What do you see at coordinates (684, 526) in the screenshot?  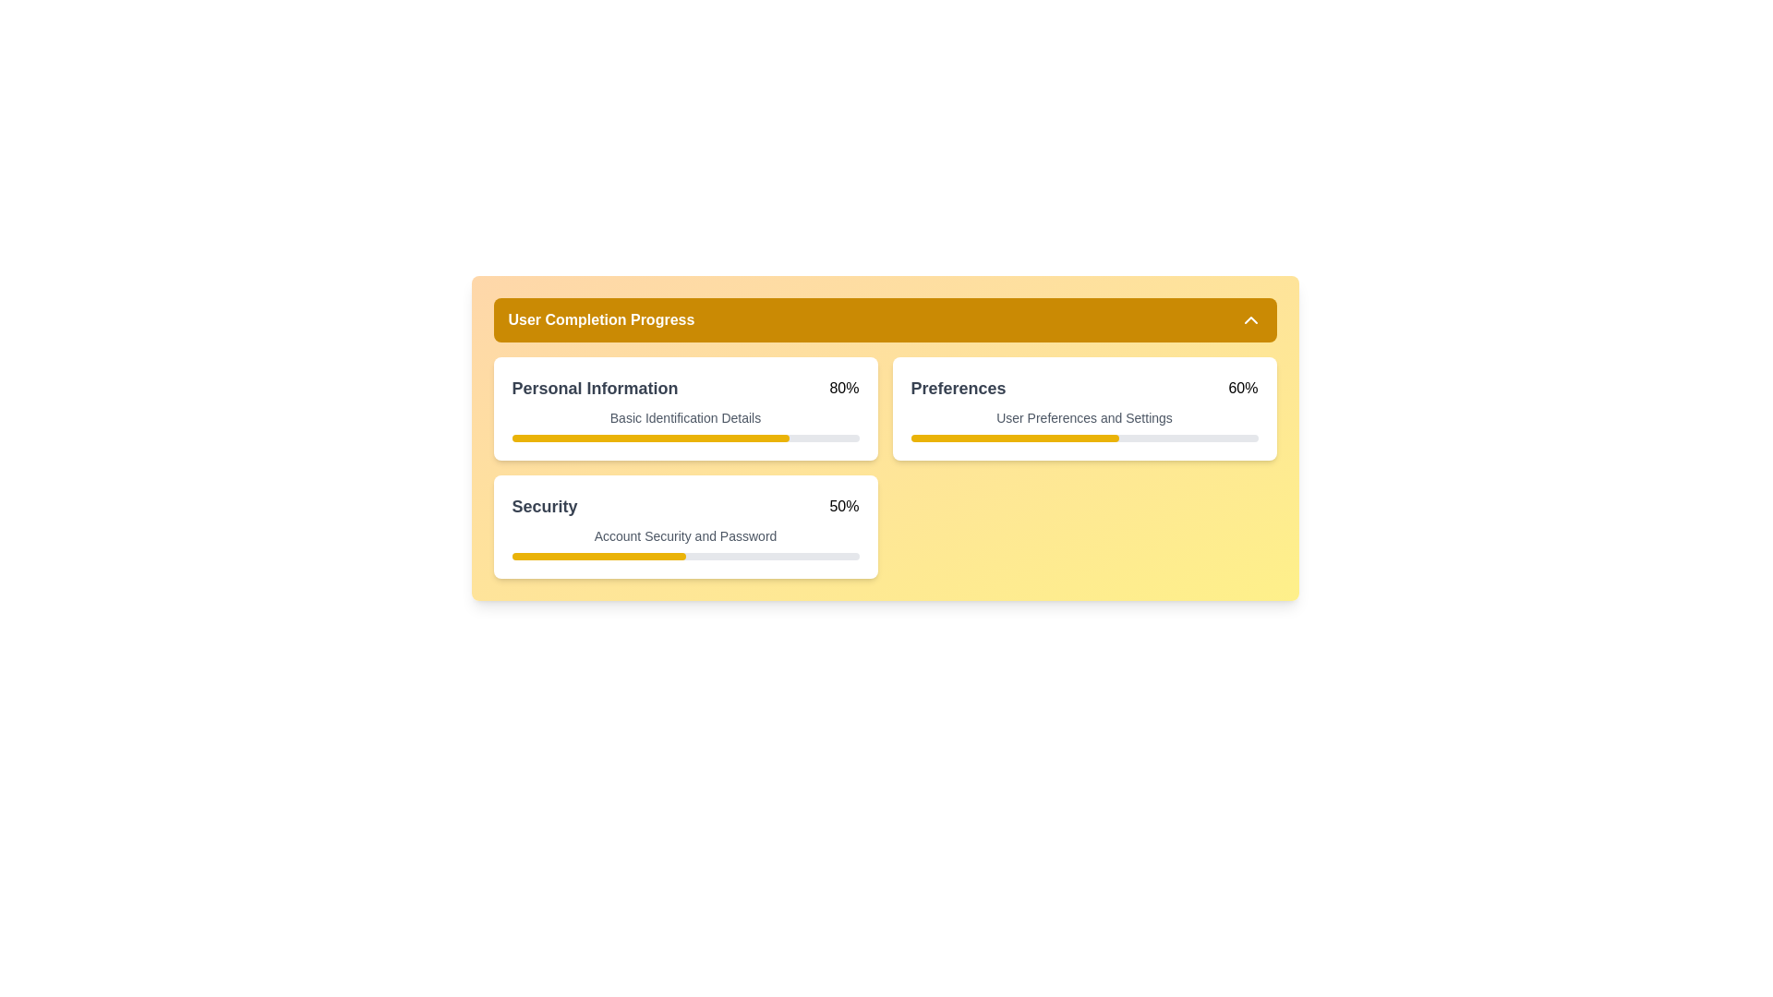 I see `the progress represented by the 'Security' Card with Progress Bar located in the lower left quadrant of the grid layout. This is the third card in a two-by-two grid structure` at bounding box center [684, 526].